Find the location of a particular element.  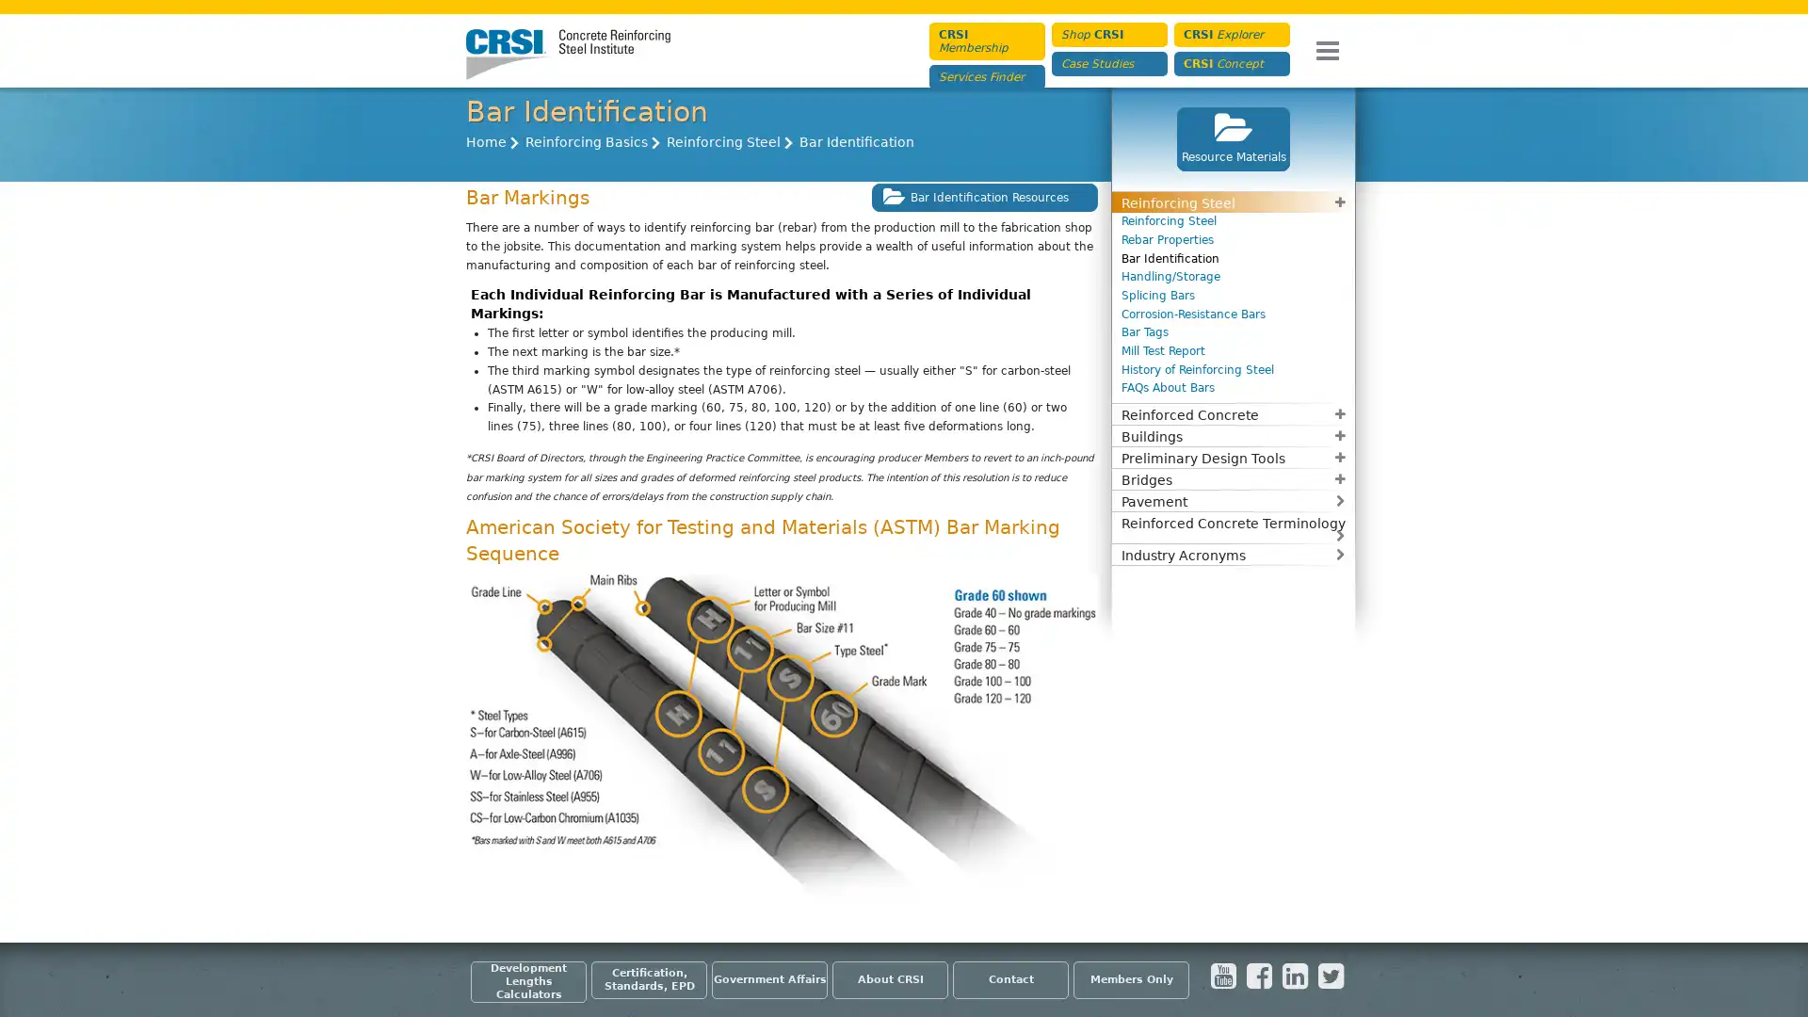

Services Finder is located at coordinates (986, 75).